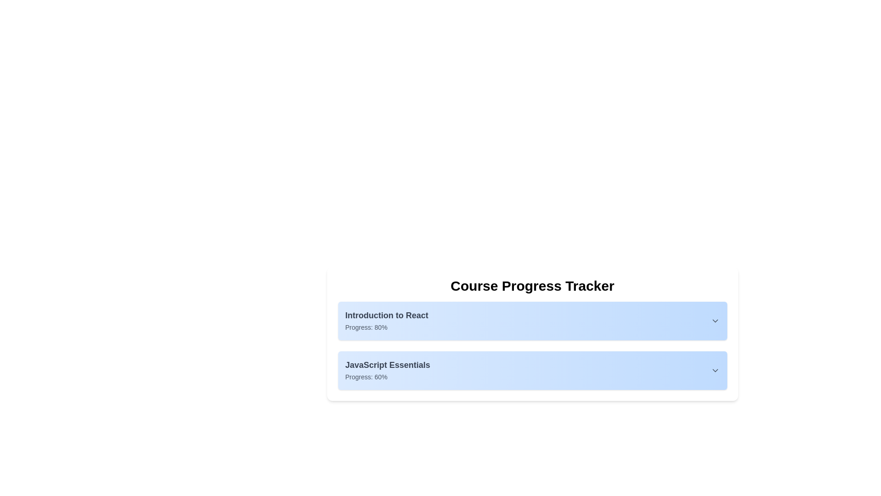 This screenshot has width=881, height=496. I want to click on the first expandable list item displaying course progress information, so click(532, 320).